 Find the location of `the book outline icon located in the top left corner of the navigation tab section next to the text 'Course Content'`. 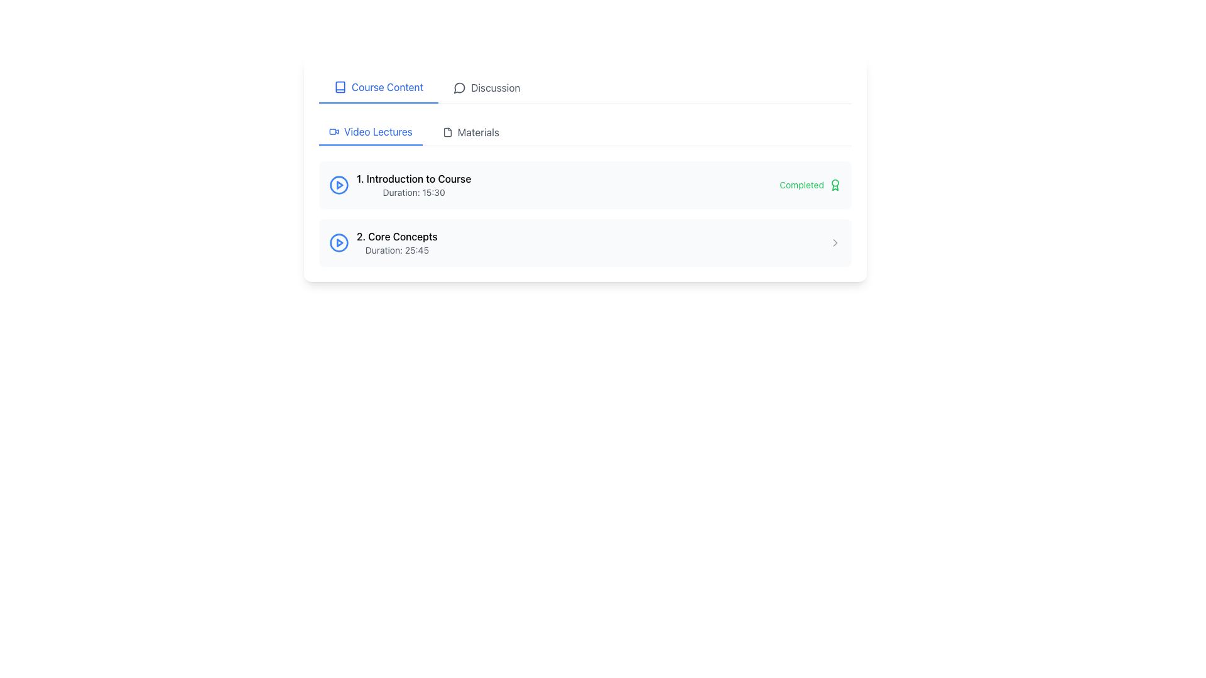

the book outline icon located in the top left corner of the navigation tab section next to the text 'Course Content' is located at coordinates (340, 86).